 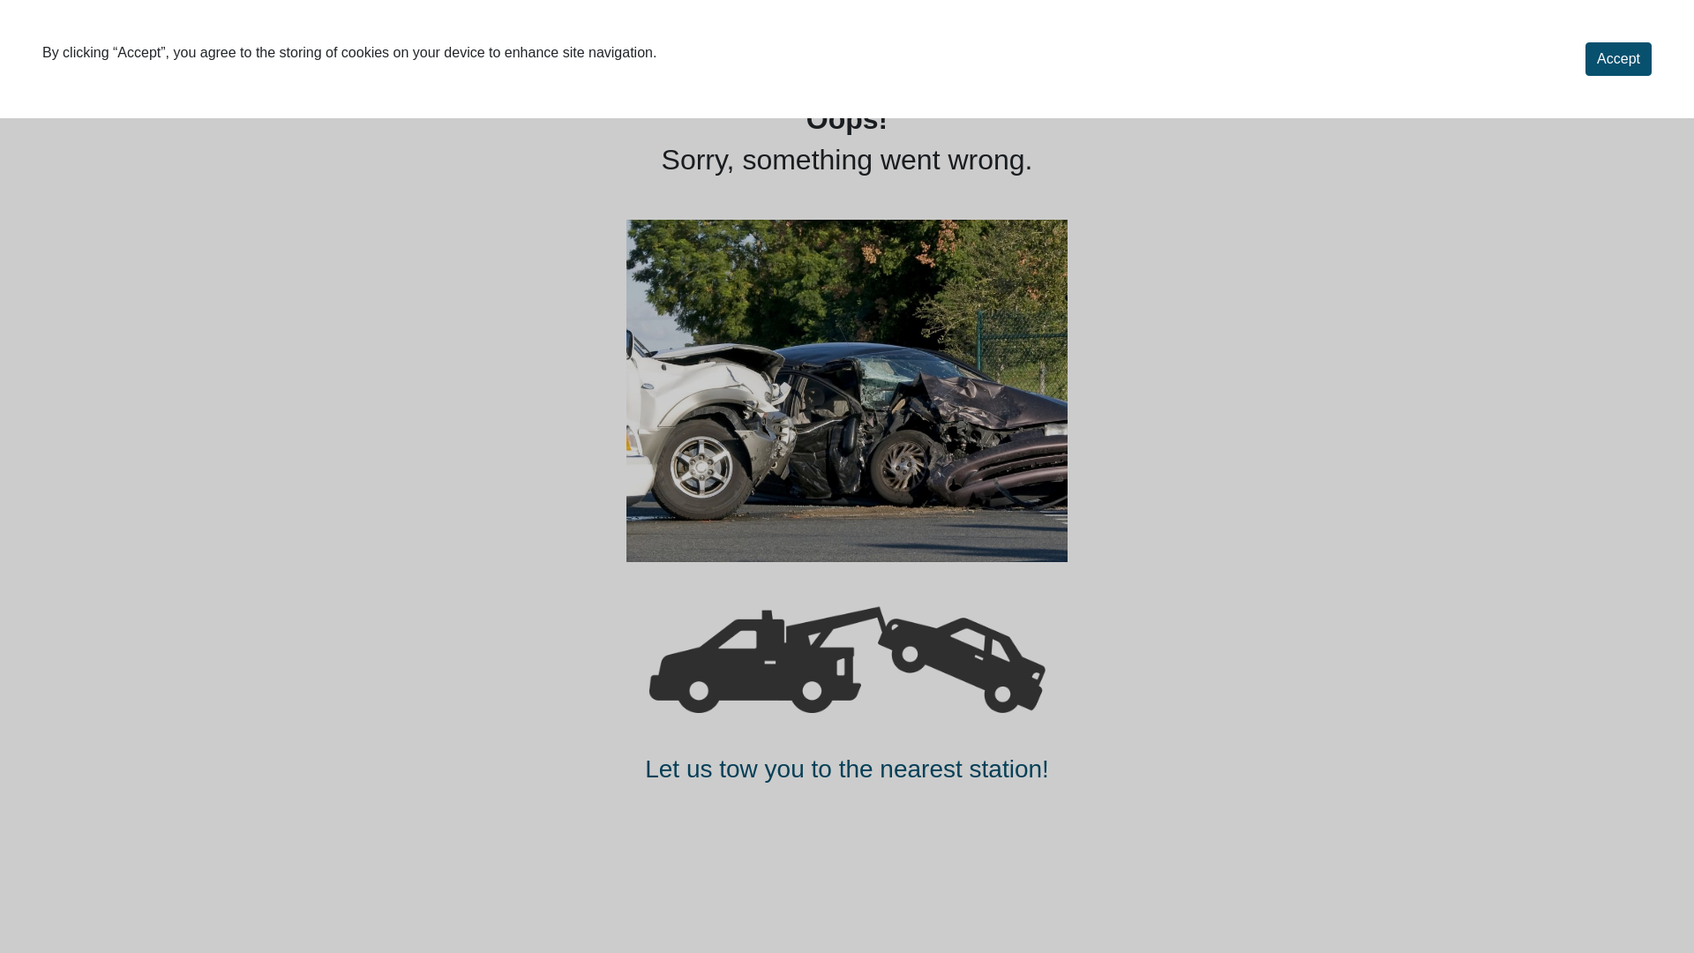 What do you see at coordinates (1618, 57) in the screenshot?
I see `'Accept'` at bounding box center [1618, 57].